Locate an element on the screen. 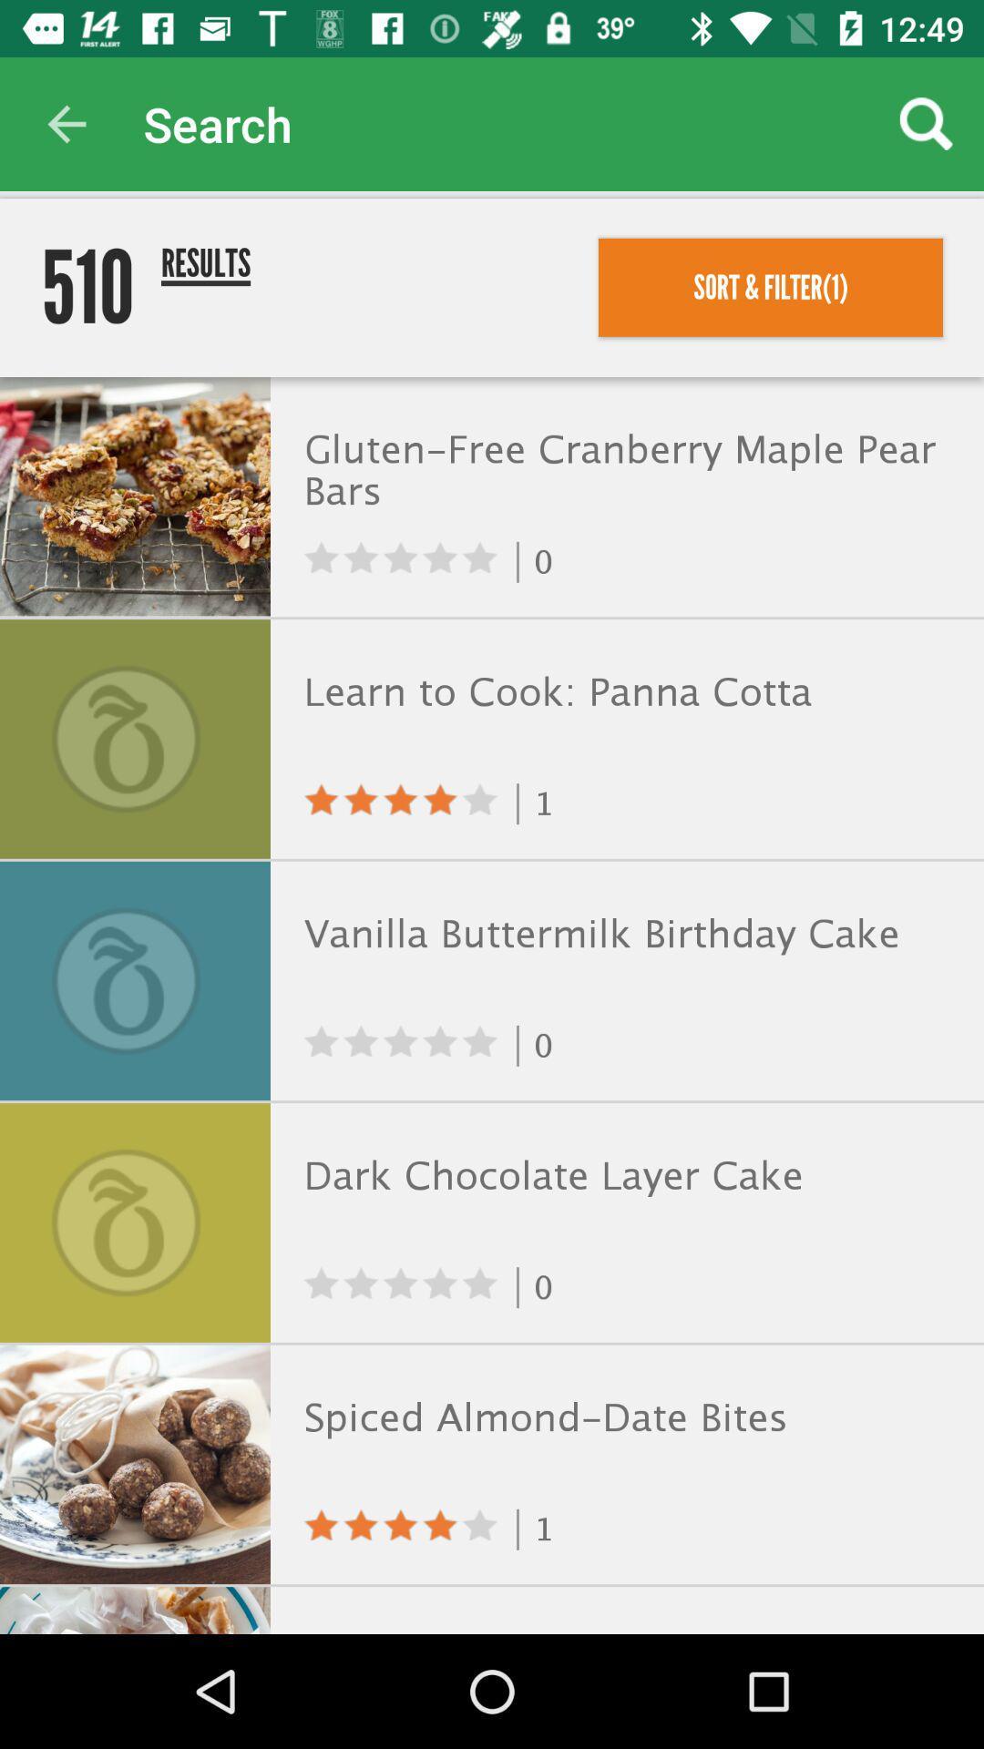  icon above 510 item is located at coordinates (66, 123).